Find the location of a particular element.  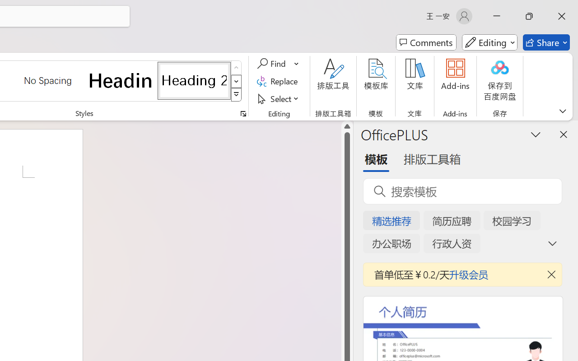

'Ribbon Display Options' is located at coordinates (562, 111).